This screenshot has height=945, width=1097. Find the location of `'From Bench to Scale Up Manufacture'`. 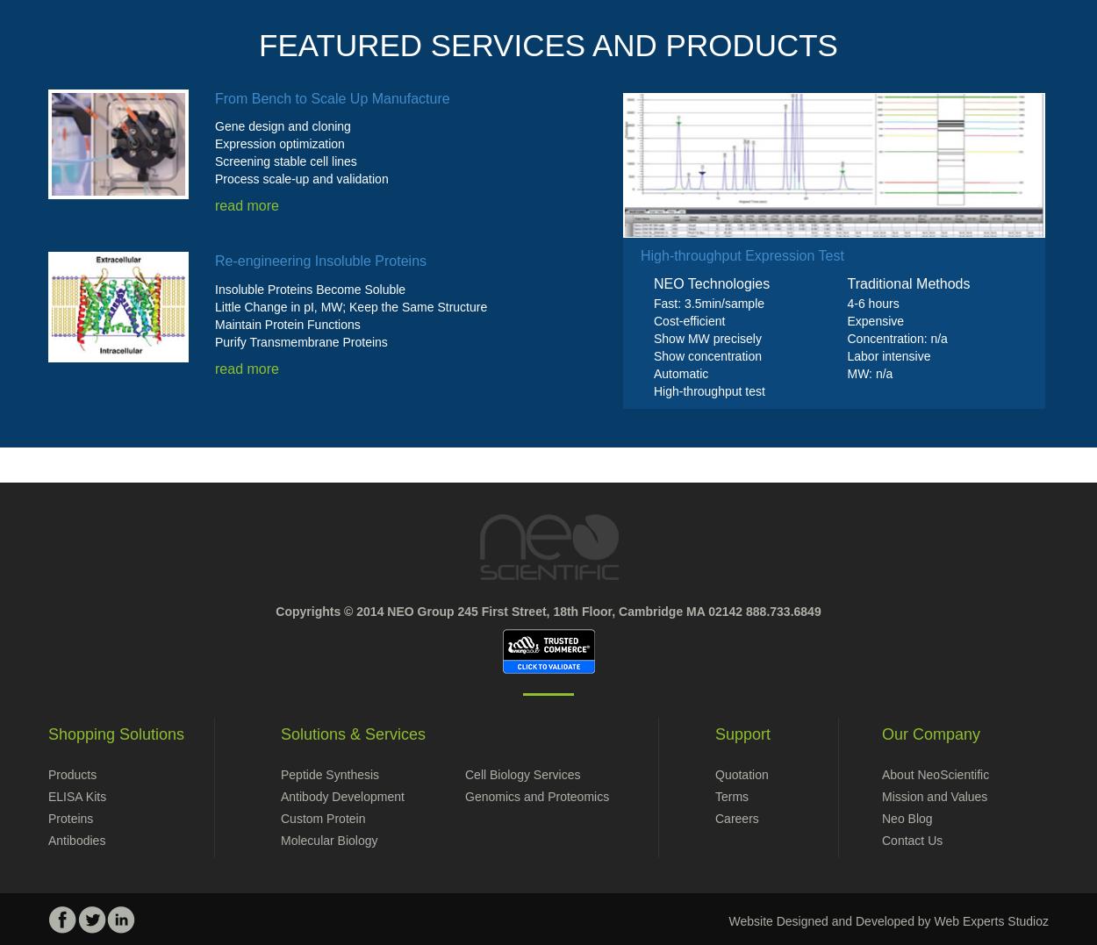

'From Bench to Scale Up Manufacture' is located at coordinates (332, 97).